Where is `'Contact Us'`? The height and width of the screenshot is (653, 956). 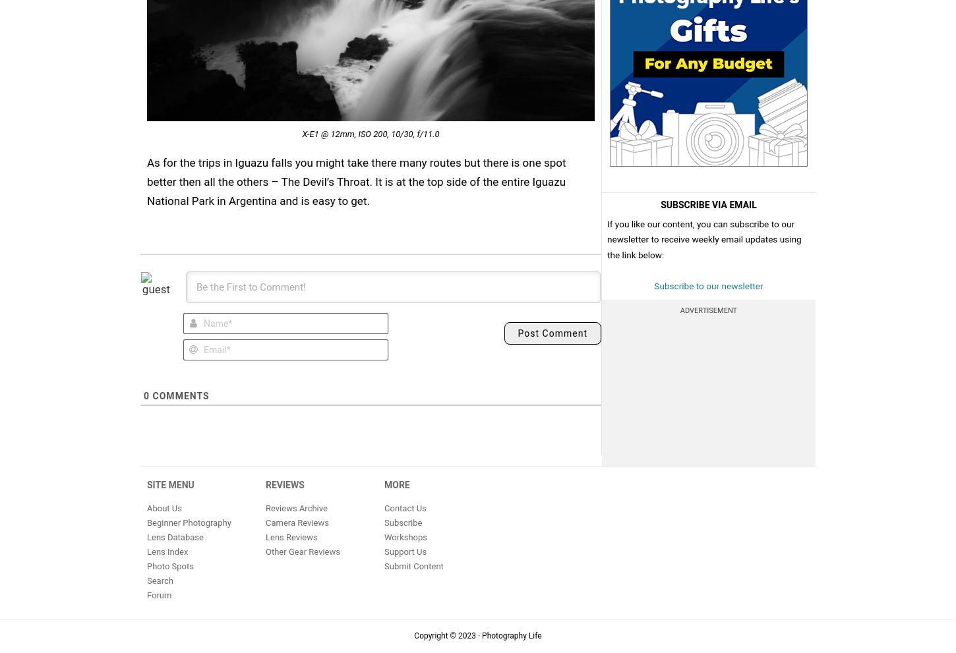
'Contact Us' is located at coordinates (404, 507).